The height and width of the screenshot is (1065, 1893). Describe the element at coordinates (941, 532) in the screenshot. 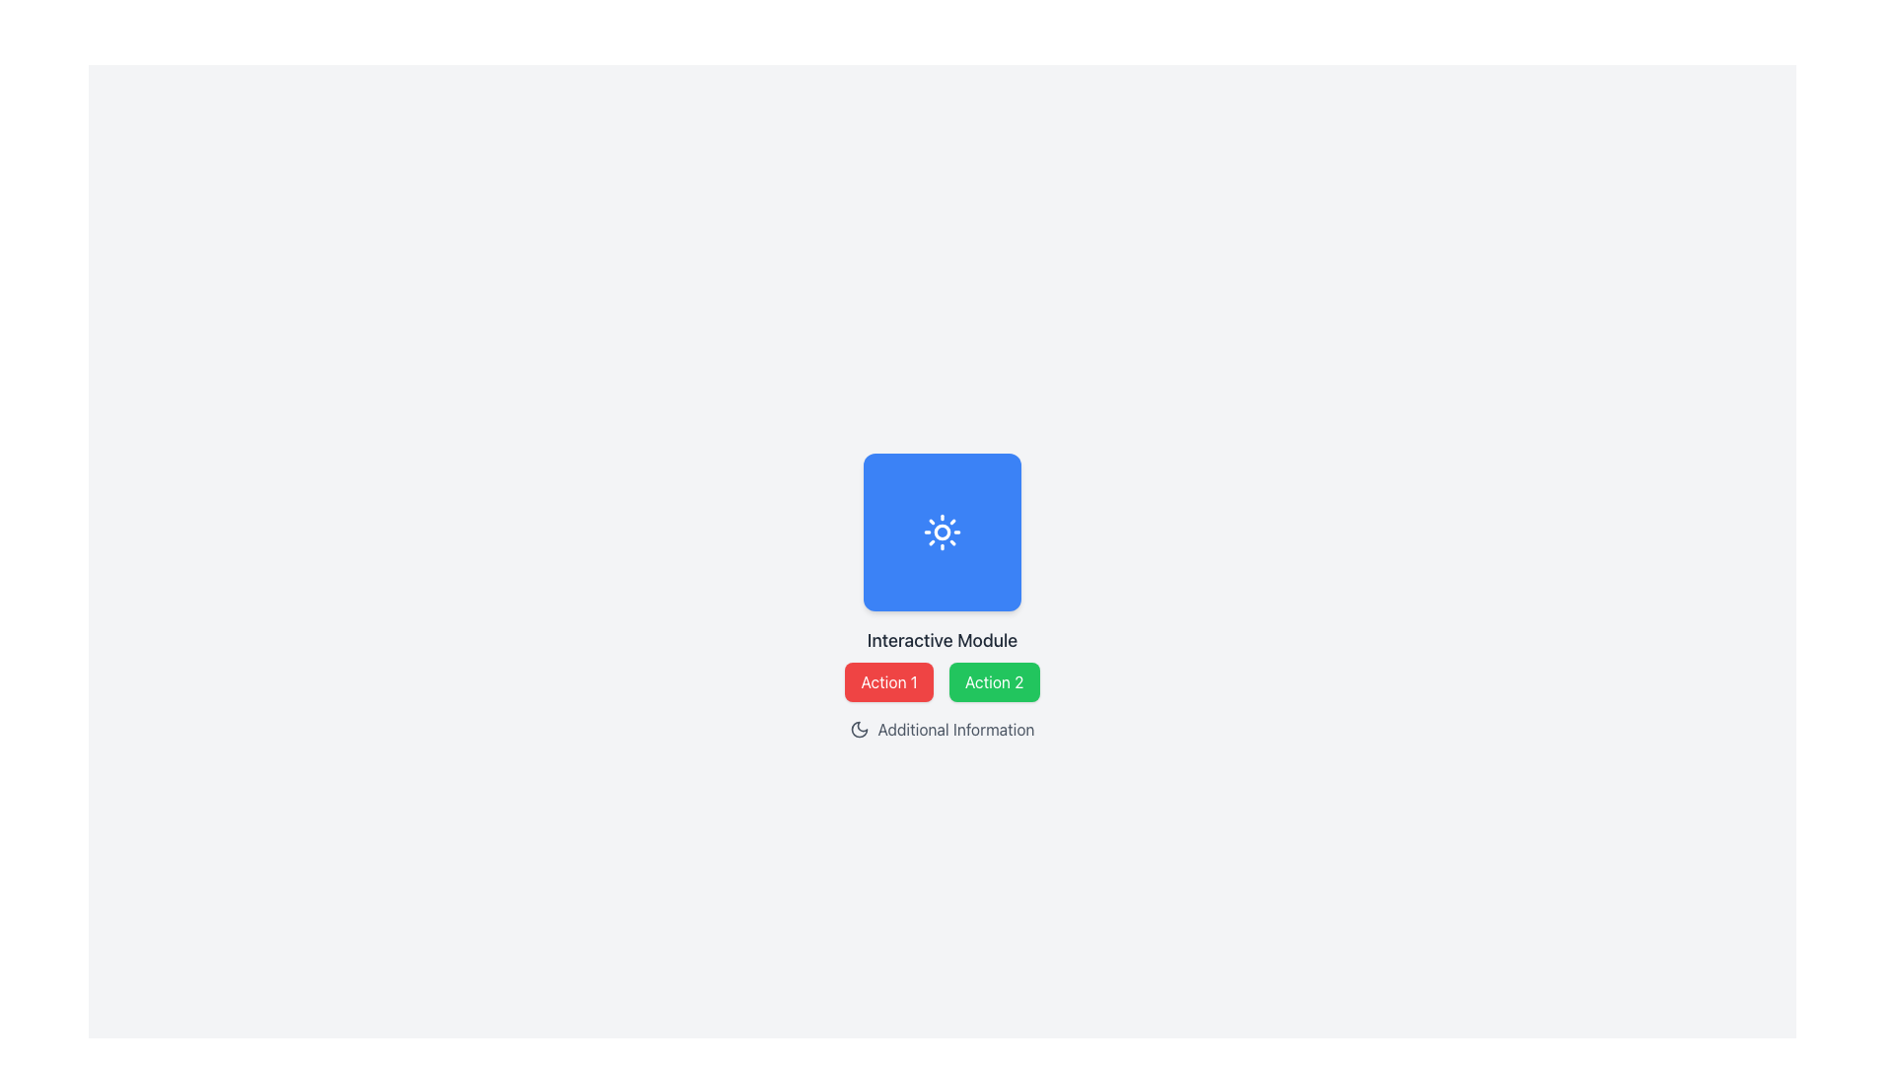

I see `the sun icon, which is a circular icon with eight symmetric lines in white on a blue background` at that location.